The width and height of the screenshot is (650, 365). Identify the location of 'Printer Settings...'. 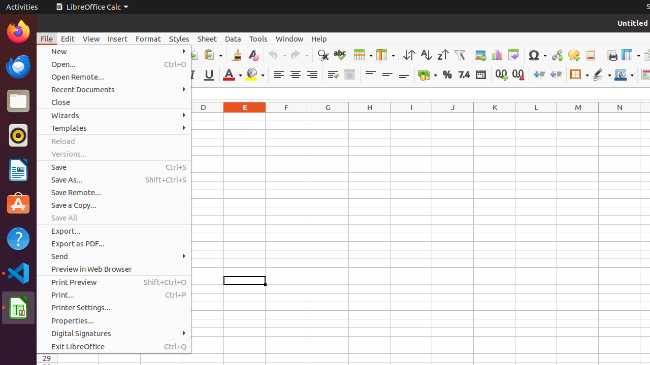
(114, 307).